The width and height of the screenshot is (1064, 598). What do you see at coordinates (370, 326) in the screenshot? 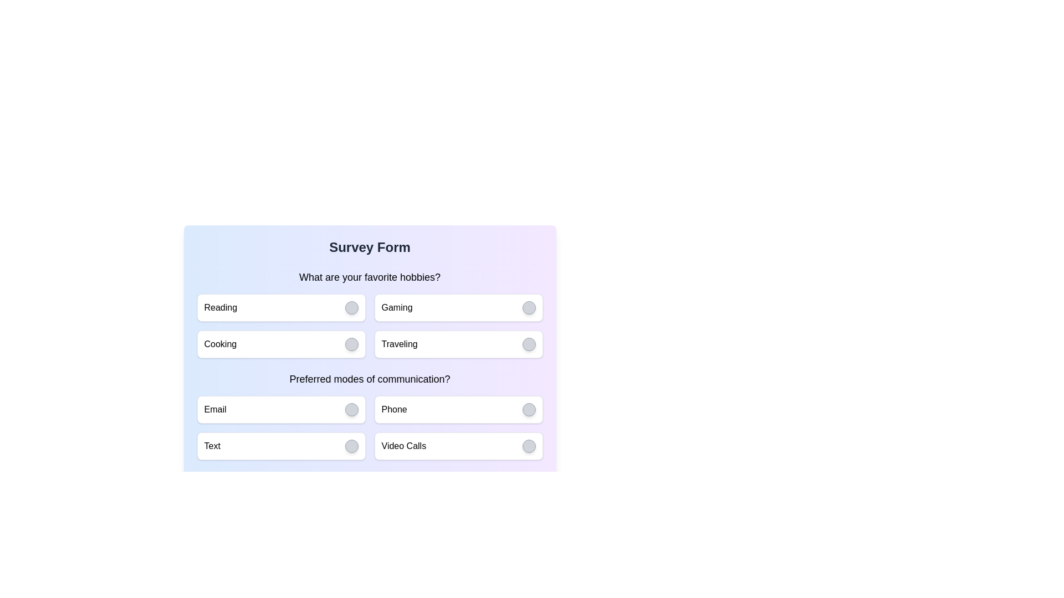
I see `the circular button in the Interactive selection grid, which contains labels like 'Reading', 'Gaming', 'Cooking', or 'Traveling'` at bounding box center [370, 326].